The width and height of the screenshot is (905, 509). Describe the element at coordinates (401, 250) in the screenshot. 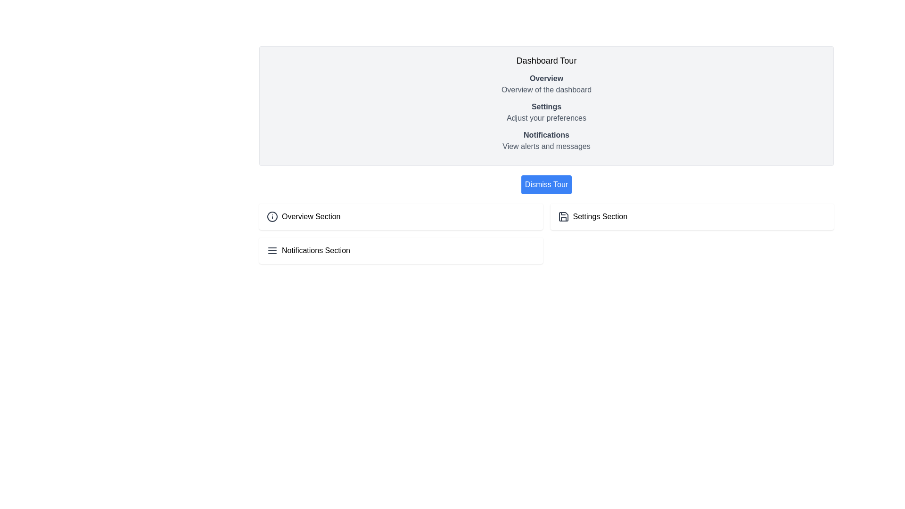

I see `the button-like interactive element that serves as a navigational link for notifications, positioned as the third item after 'Overview Section' and 'Settings Section' in the grid layout` at that location.